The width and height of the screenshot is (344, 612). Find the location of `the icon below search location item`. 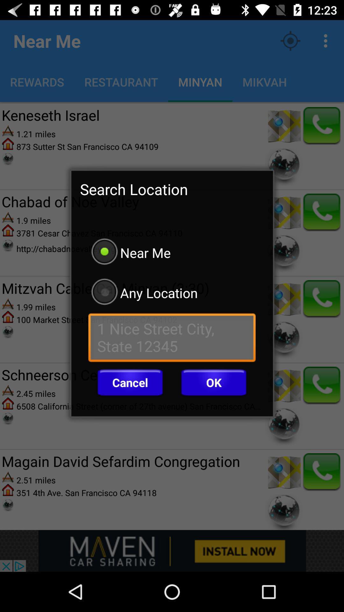

the icon below search location item is located at coordinates (172, 252).